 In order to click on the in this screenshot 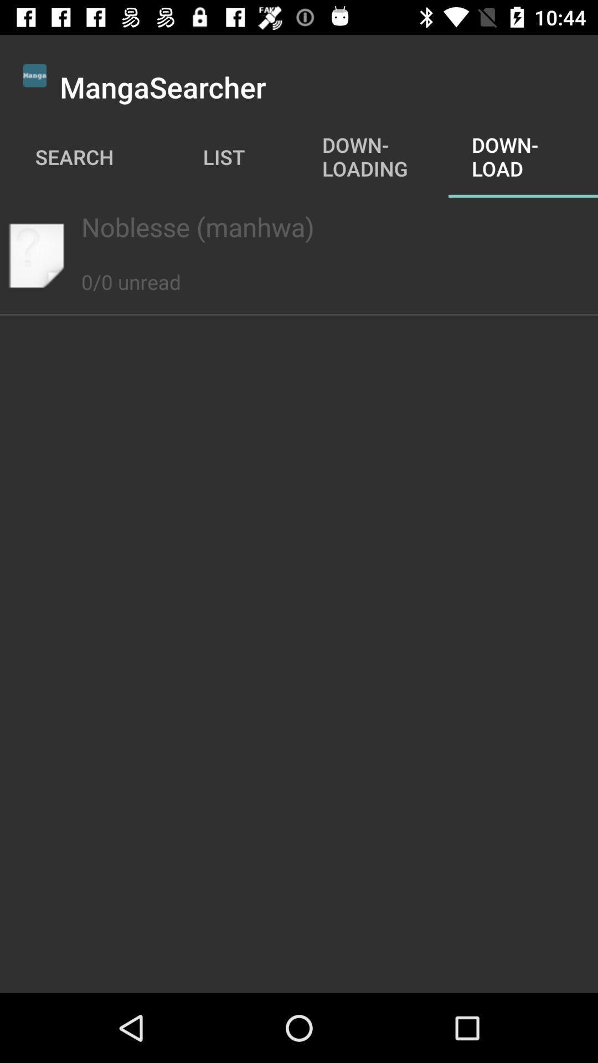, I will do `click(130, 270)`.